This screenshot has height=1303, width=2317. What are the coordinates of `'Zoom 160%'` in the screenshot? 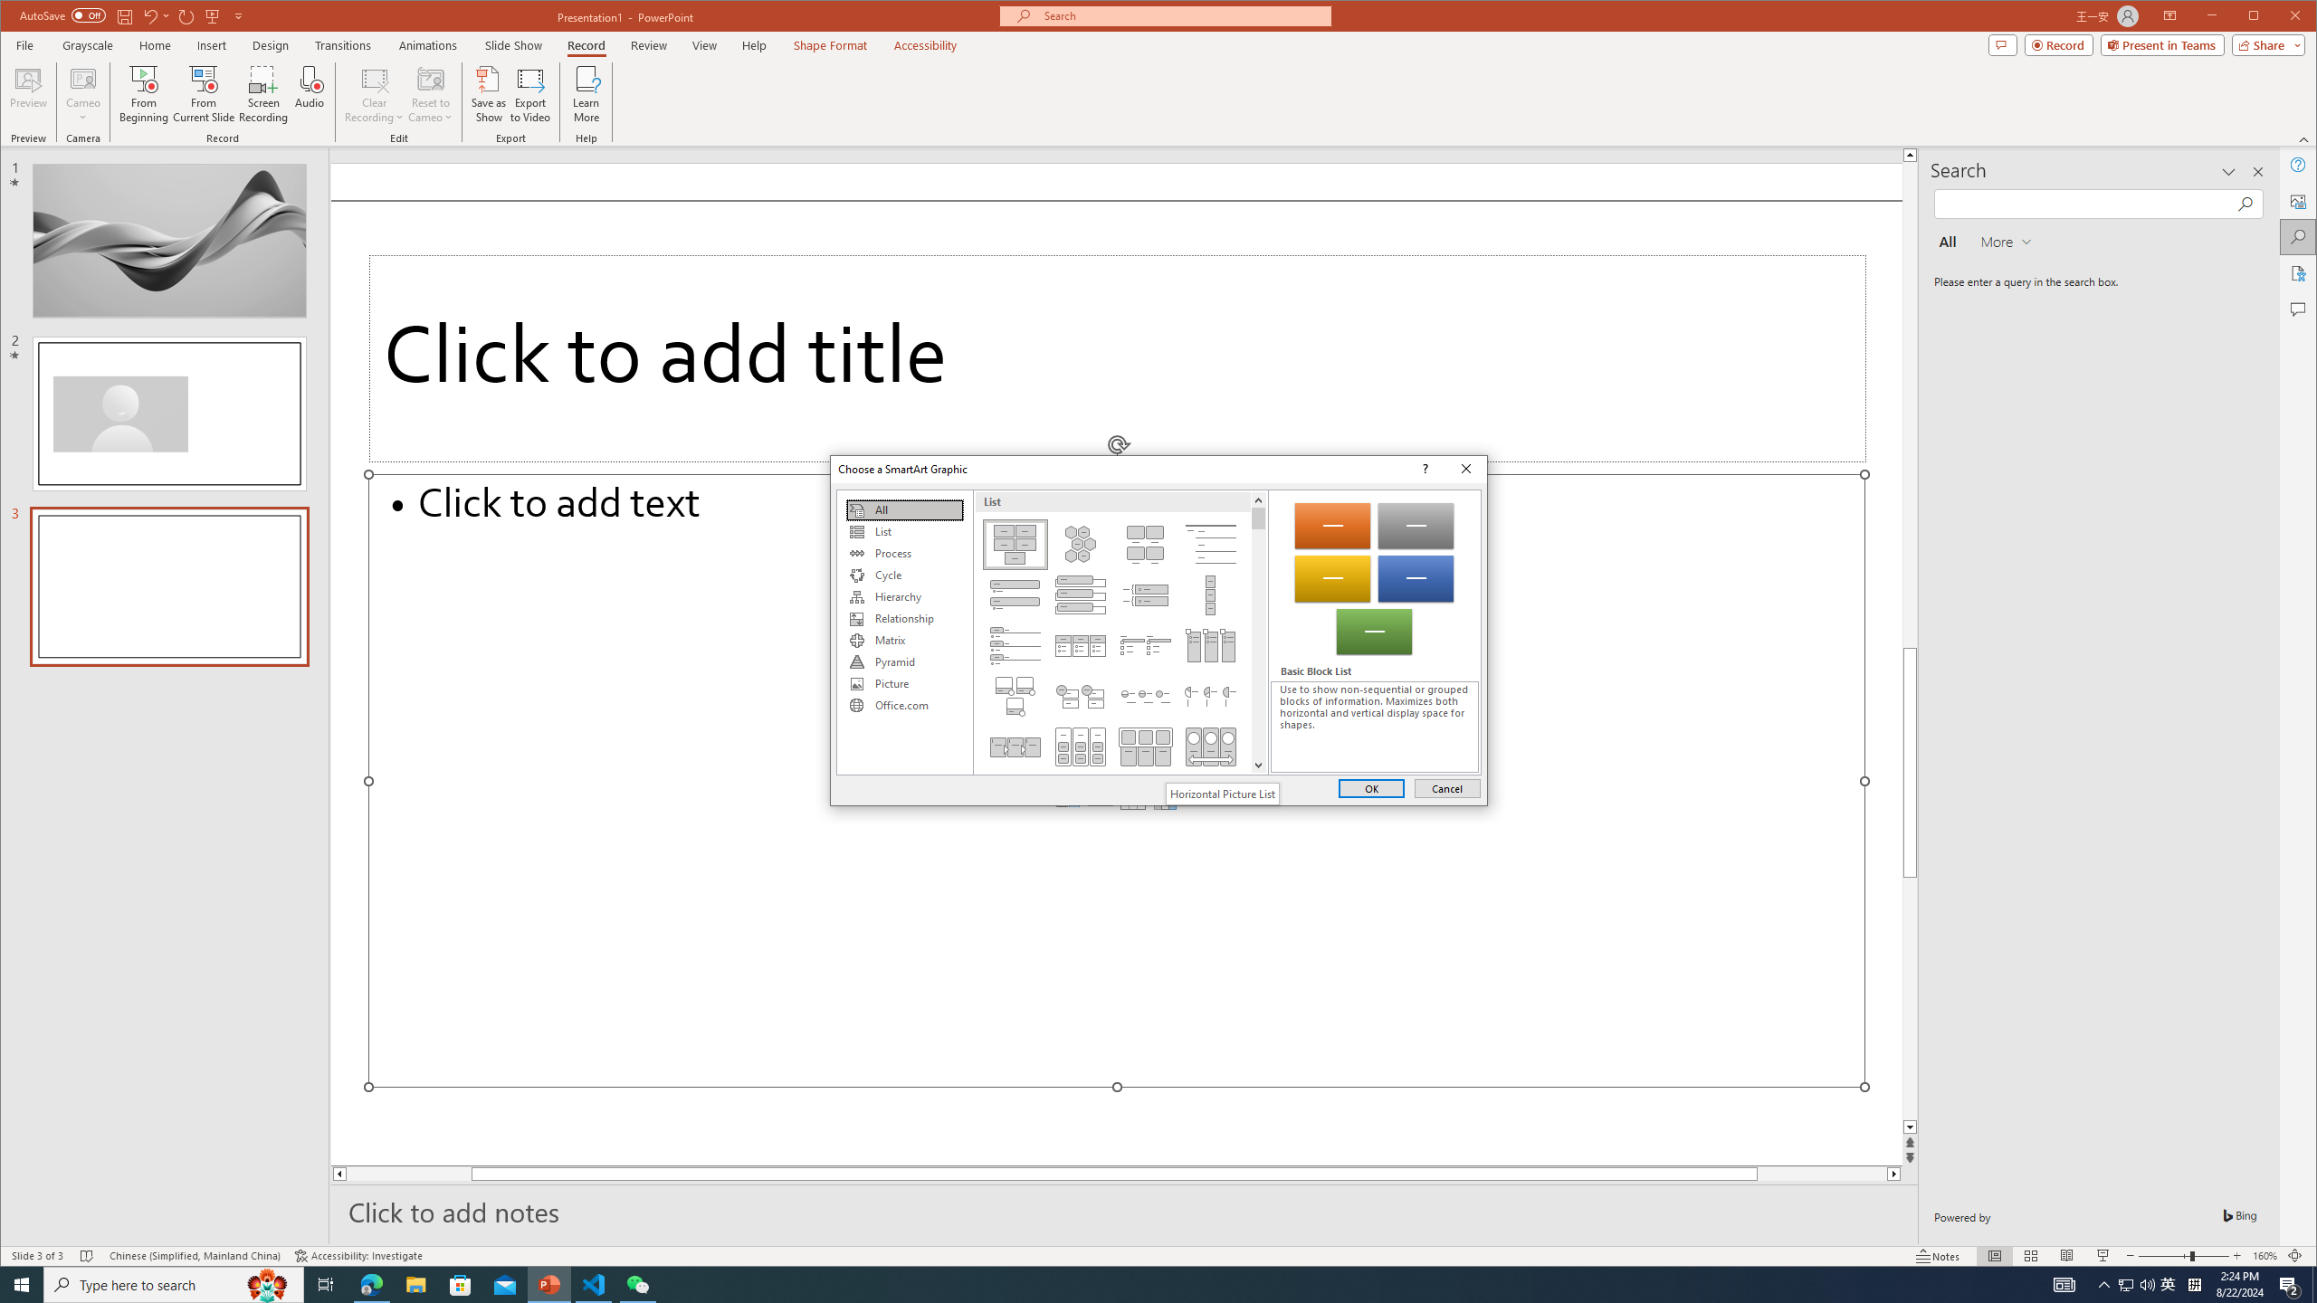 It's located at (2265, 1255).